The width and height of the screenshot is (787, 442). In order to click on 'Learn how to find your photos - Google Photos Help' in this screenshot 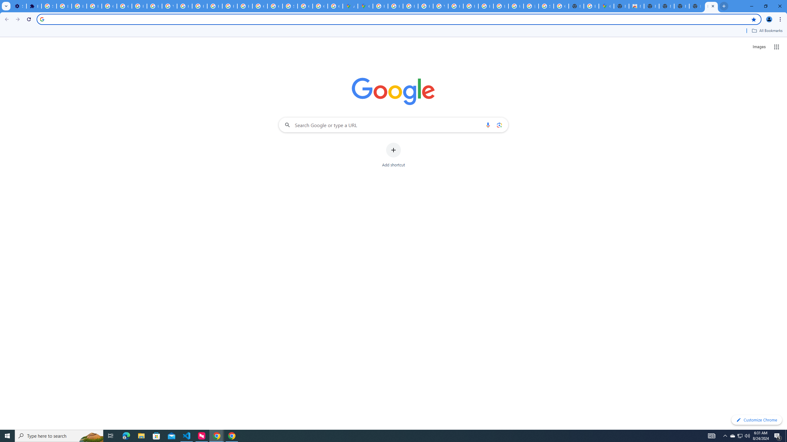, I will do `click(79, 6)`.